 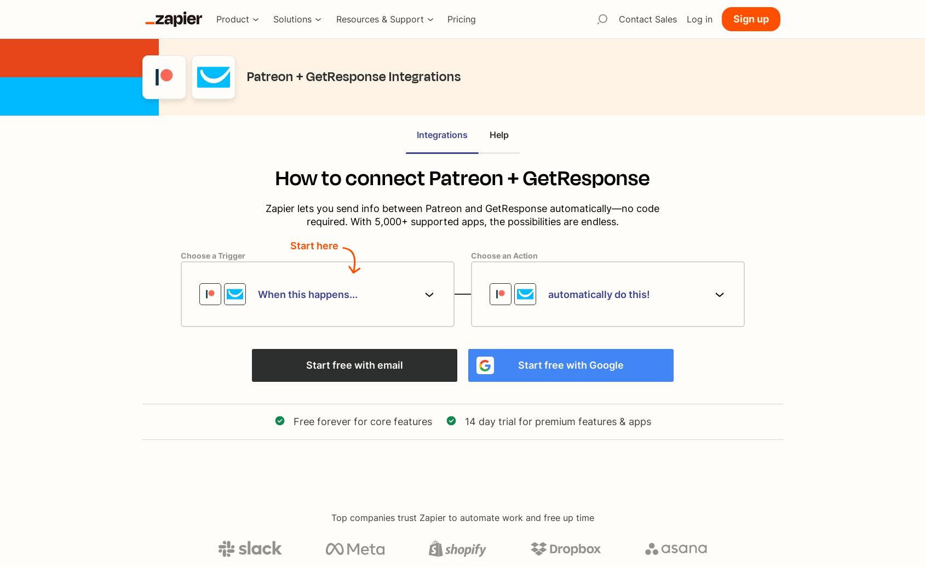 I want to click on 'Integrations', so click(x=416, y=134).